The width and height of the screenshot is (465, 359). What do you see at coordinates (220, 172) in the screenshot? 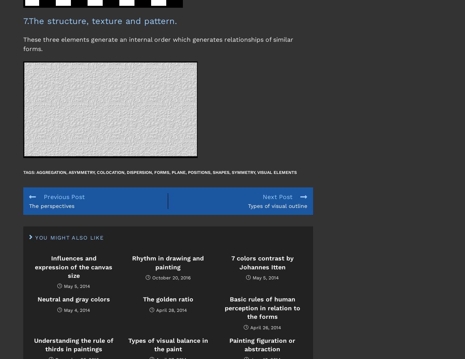
I see `'shapes'` at bounding box center [220, 172].